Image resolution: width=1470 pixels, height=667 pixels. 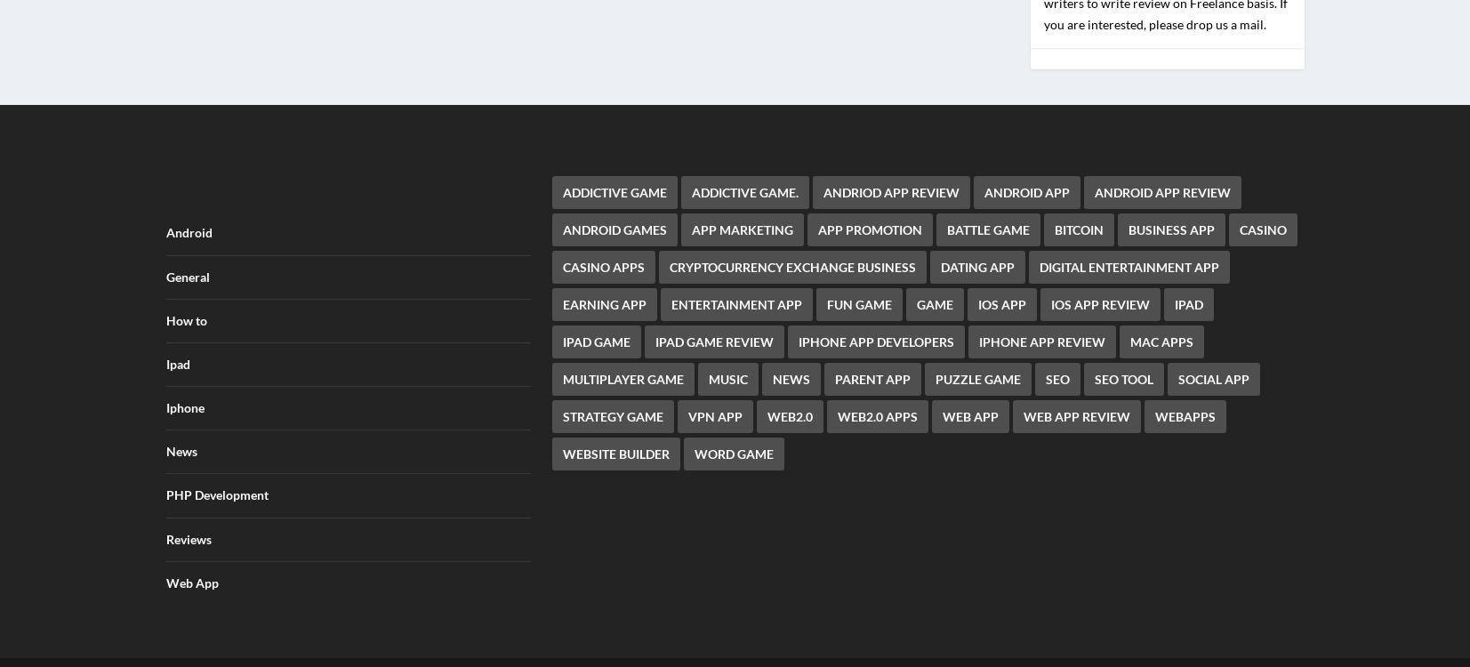 What do you see at coordinates (772, 367) in the screenshot?
I see `'news'` at bounding box center [772, 367].